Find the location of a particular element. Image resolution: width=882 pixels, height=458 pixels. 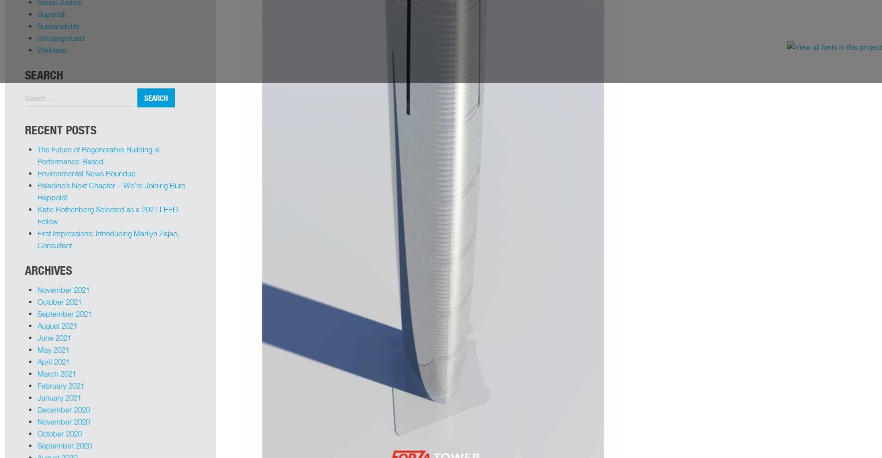

'Sustainability' is located at coordinates (37, 25).